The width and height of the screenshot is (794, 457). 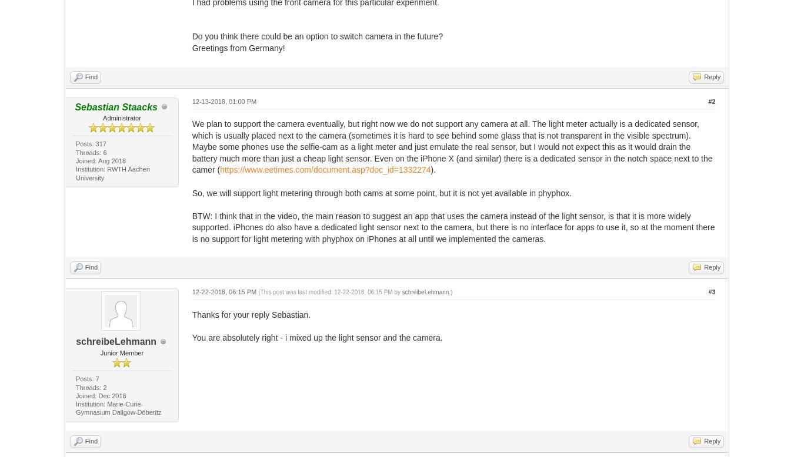 I want to click on 'Administrator', so click(x=121, y=117).